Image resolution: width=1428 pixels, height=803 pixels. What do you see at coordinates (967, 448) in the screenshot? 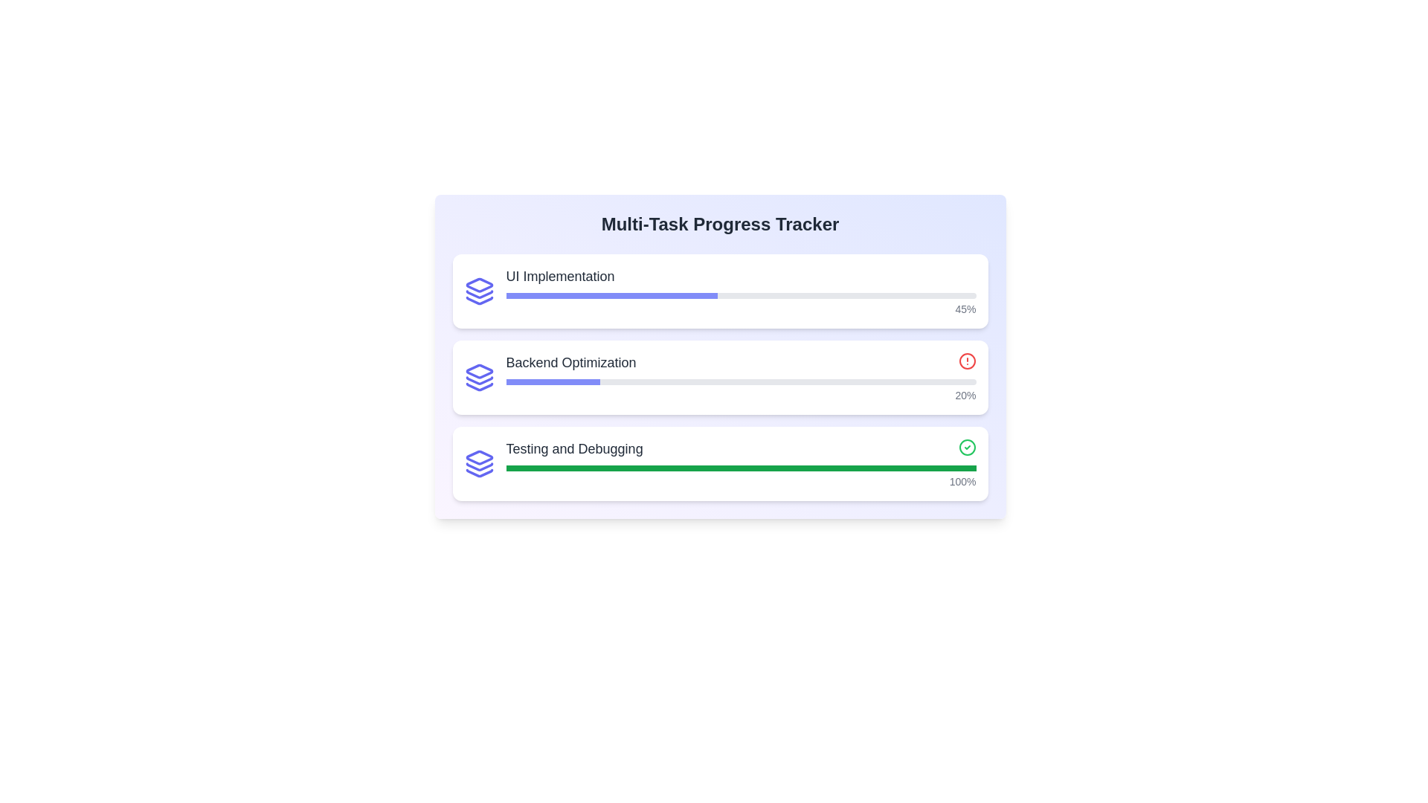
I see `the success icon indicating that the 'Testing and Debugging' task has been completed successfully, located to the far right in the progress tracker interface` at bounding box center [967, 448].